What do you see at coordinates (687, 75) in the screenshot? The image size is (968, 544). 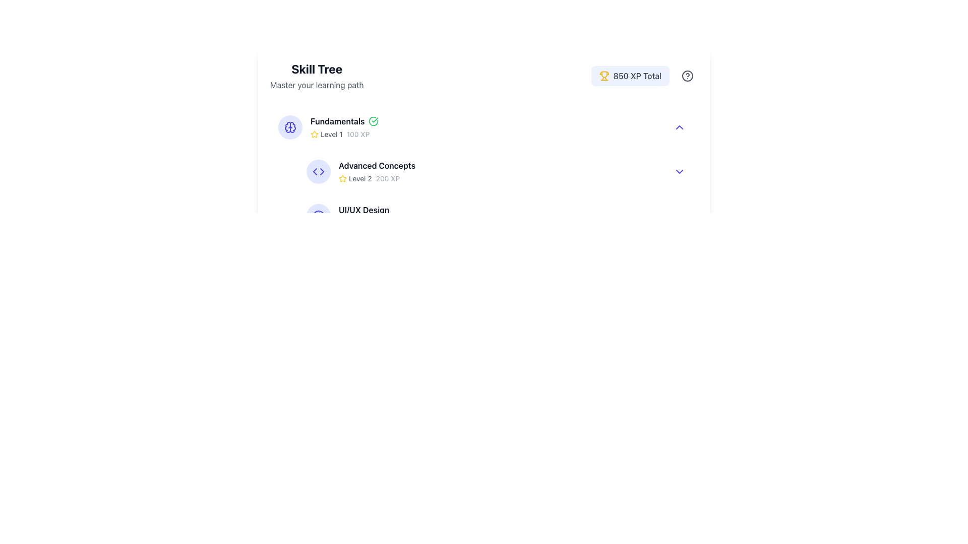 I see `the help icon located on the top-right corner near the '850 XP Total' badge` at bounding box center [687, 75].